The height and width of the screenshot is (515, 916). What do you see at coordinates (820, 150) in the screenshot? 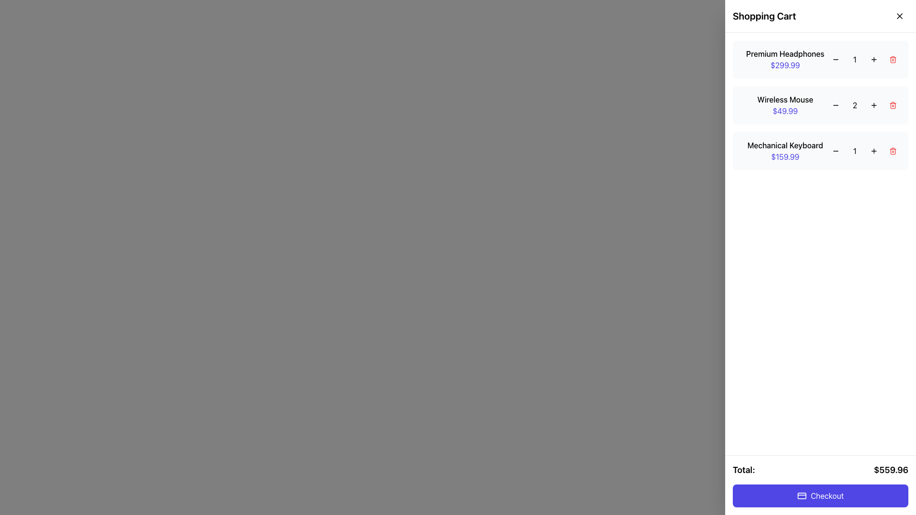
I see `the third item in the shopping cart list, which allows for adjusting the product's quantity or removal` at bounding box center [820, 150].